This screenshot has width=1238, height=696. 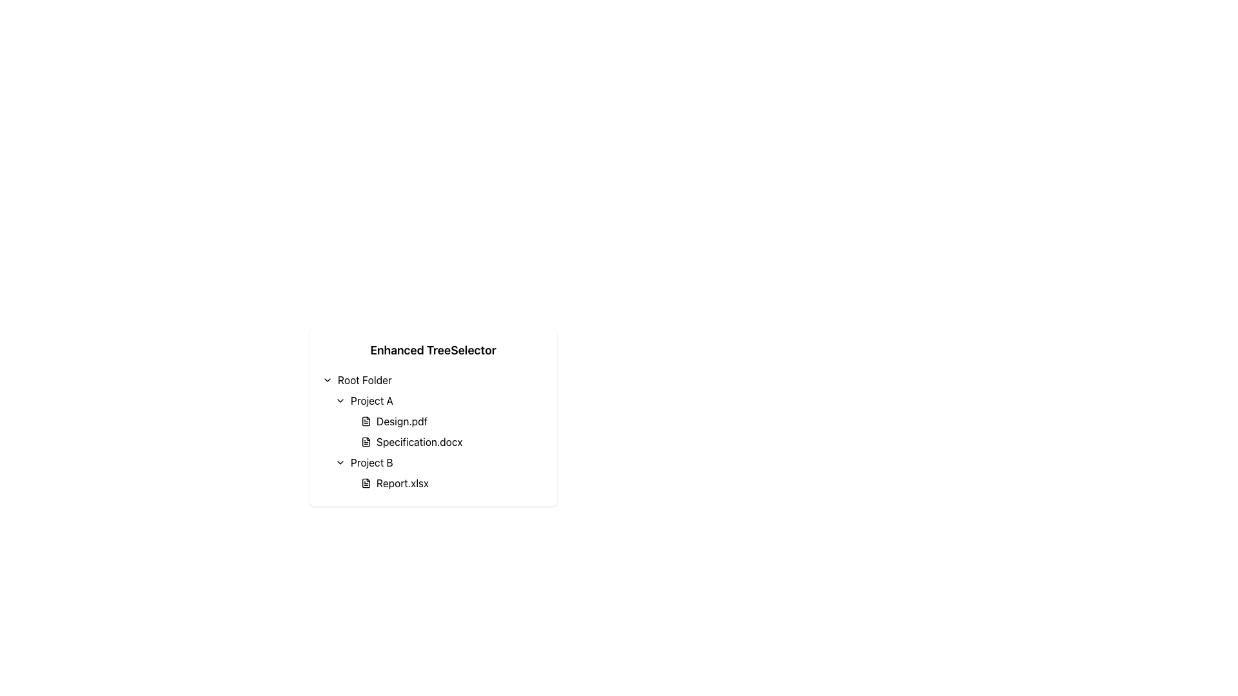 What do you see at coordinates (439, 461) in the screenshot?
I see `the collapsible tree node labeled 'Project B'` at bounding box center [439, 461].